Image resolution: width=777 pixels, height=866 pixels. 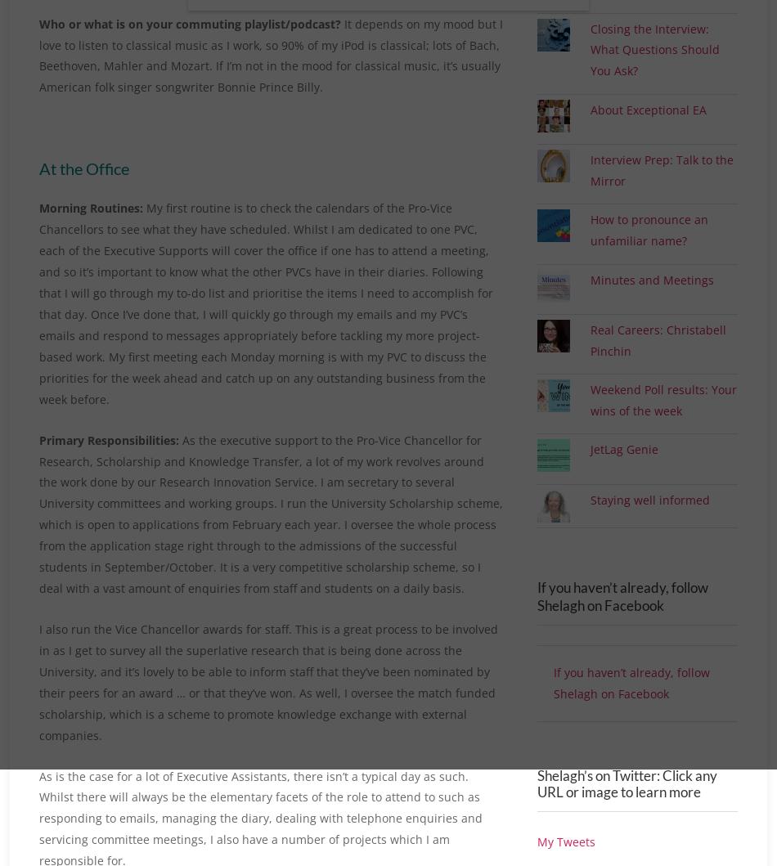 I want to click on 'It depends on my mood but I love to listen to classical music as I work, so 90% of my iPod is classical; lots of Bach, Beethoven, Mahler and Mozart. If I’m not in the mood for classical music, it’s usually American folk singer songwriter Bonnie Prince Billy.', so click(x=270, y=55).